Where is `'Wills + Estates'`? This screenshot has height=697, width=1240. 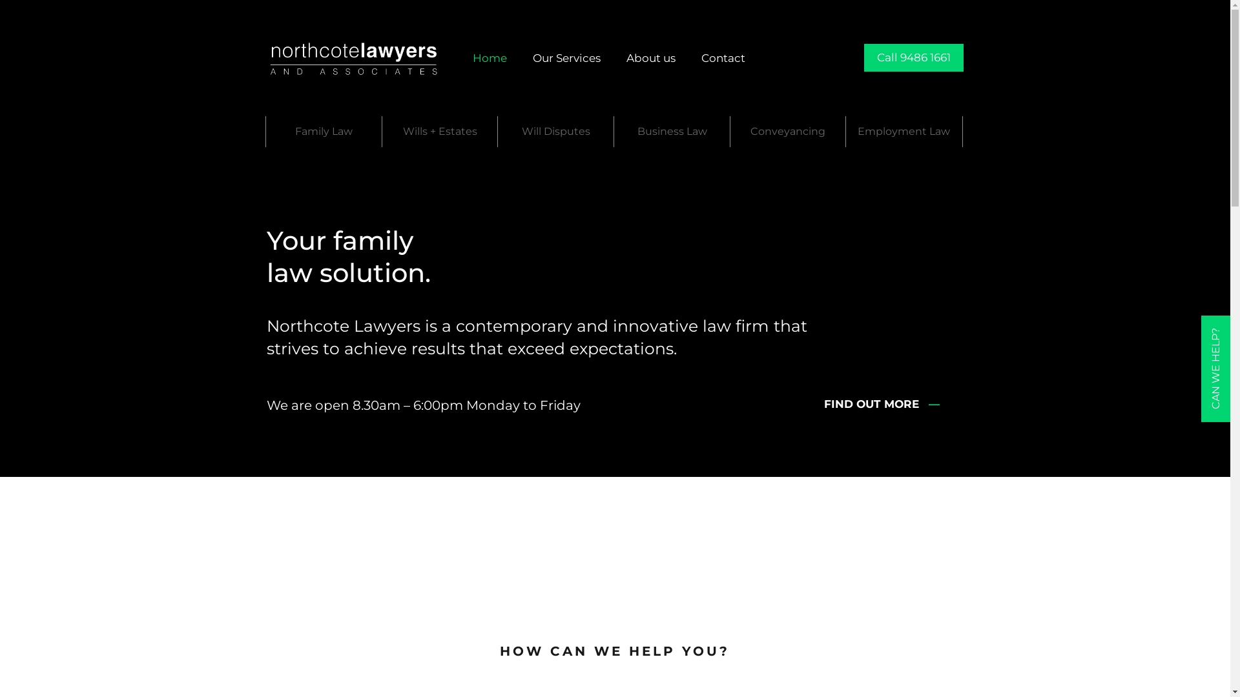
'Wills + Estates' is located at coordinates (440, 132).